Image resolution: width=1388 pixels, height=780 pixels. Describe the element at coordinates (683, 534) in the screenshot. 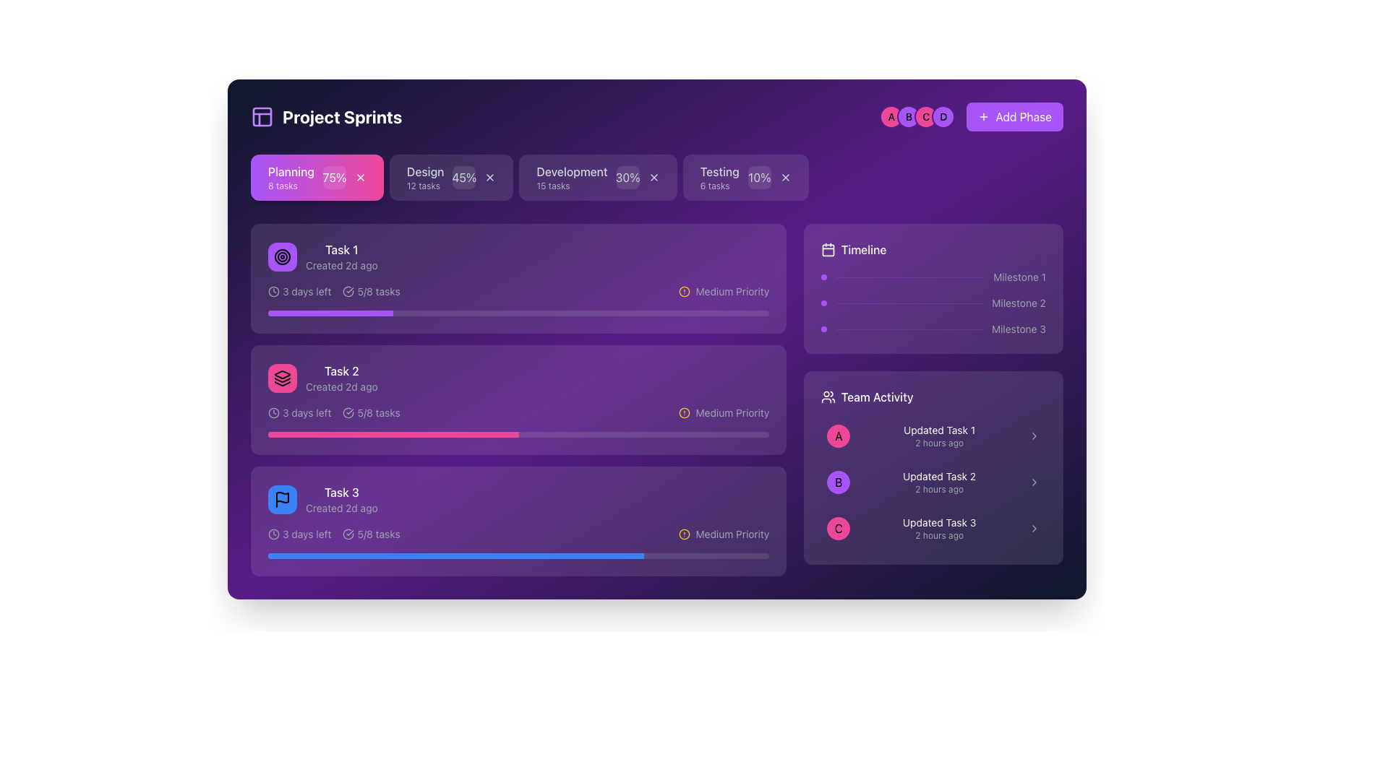

I see `the circular yellow-bordered icon with an exclamation mark inside, located to the left of the 'Medium Priority' text in the third task panel from the top` at that location.